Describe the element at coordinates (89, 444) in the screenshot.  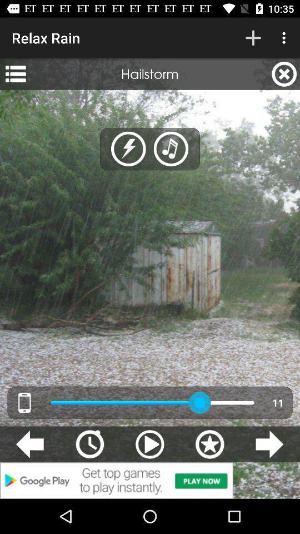
I see `the time icon` at that location.